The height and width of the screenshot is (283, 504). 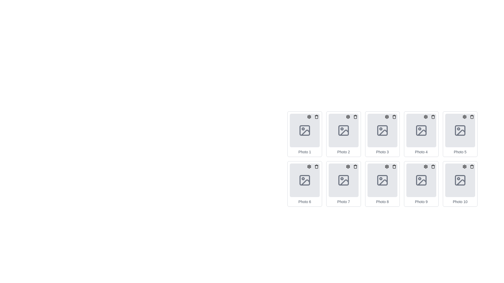 I want to click on the settings icon associated with the thumbnail labeled 'Photo 9', which is located in the second-to-last column of the lower row in a grid layout, so click(x=426, y=167).